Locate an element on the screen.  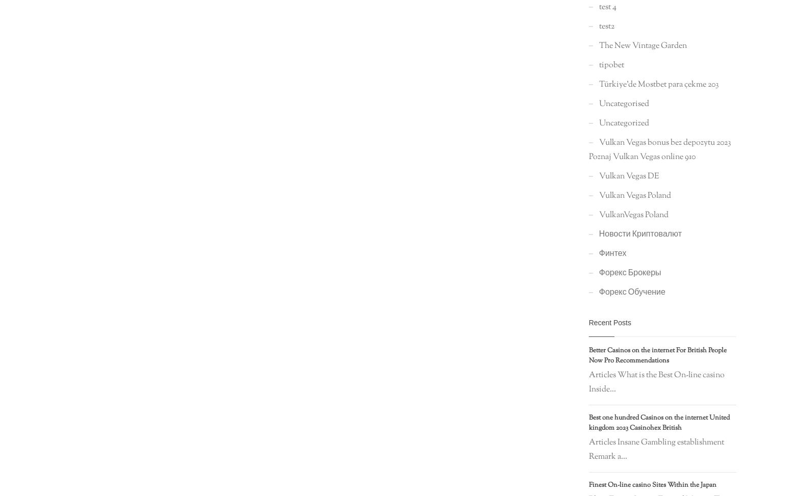
'Best one hundred Casinos on the internet United kingdom 2023 Casinohex British' is located at coordinates (658, 422).